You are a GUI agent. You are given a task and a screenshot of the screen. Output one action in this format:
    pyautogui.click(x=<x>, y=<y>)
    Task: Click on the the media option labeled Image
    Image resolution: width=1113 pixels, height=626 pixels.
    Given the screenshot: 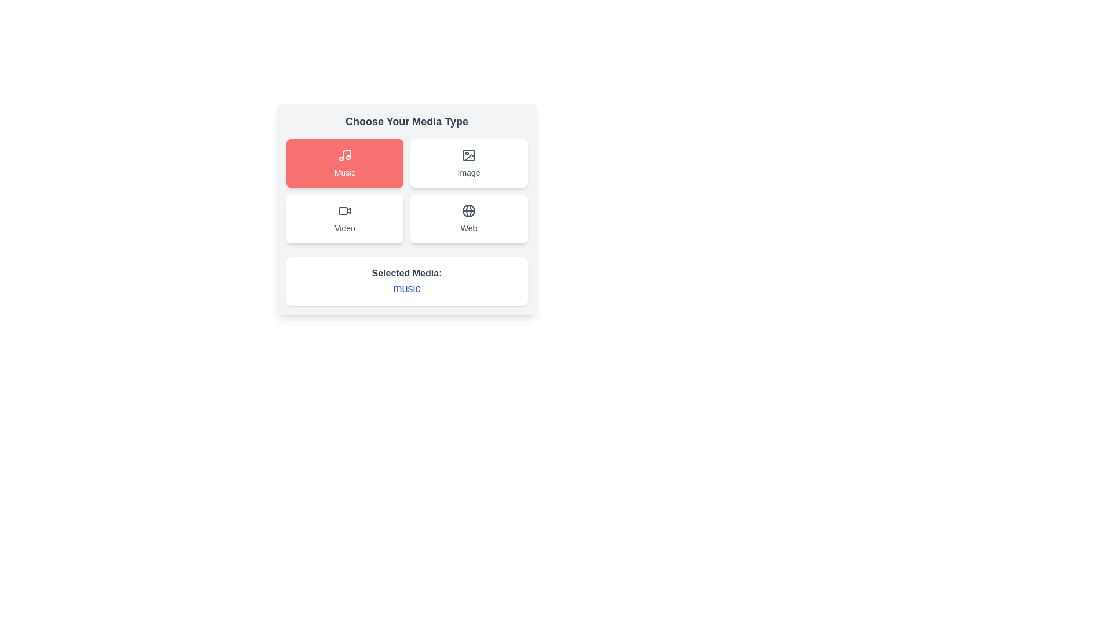 What is the action you would take?
    pyautogui.click(x=469, y=163)
    